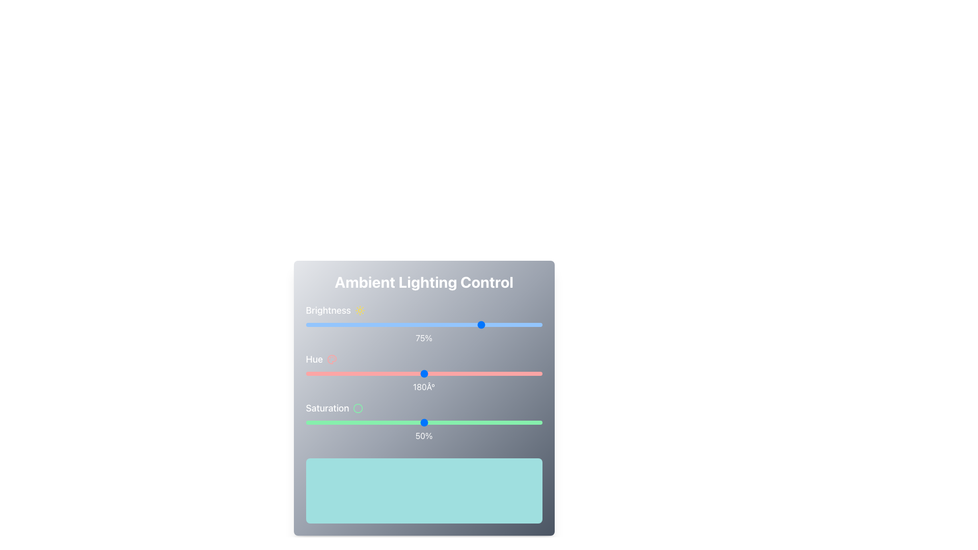  I want to click on hue, so click(463, 373).